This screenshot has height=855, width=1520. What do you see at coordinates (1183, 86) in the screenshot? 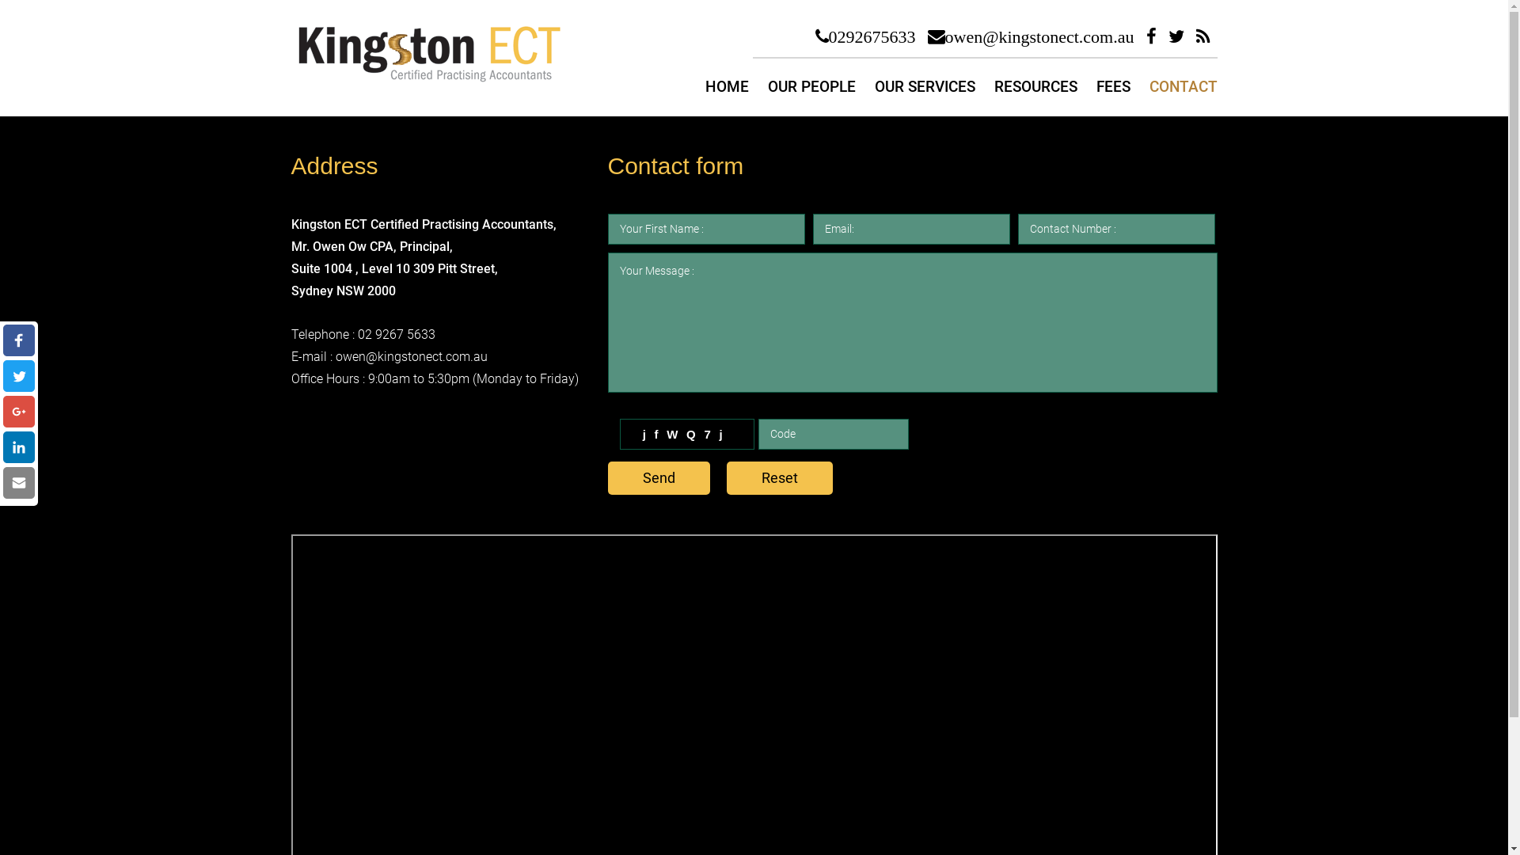
I see `'CONTACT'` at bounding box center [1183, 86].